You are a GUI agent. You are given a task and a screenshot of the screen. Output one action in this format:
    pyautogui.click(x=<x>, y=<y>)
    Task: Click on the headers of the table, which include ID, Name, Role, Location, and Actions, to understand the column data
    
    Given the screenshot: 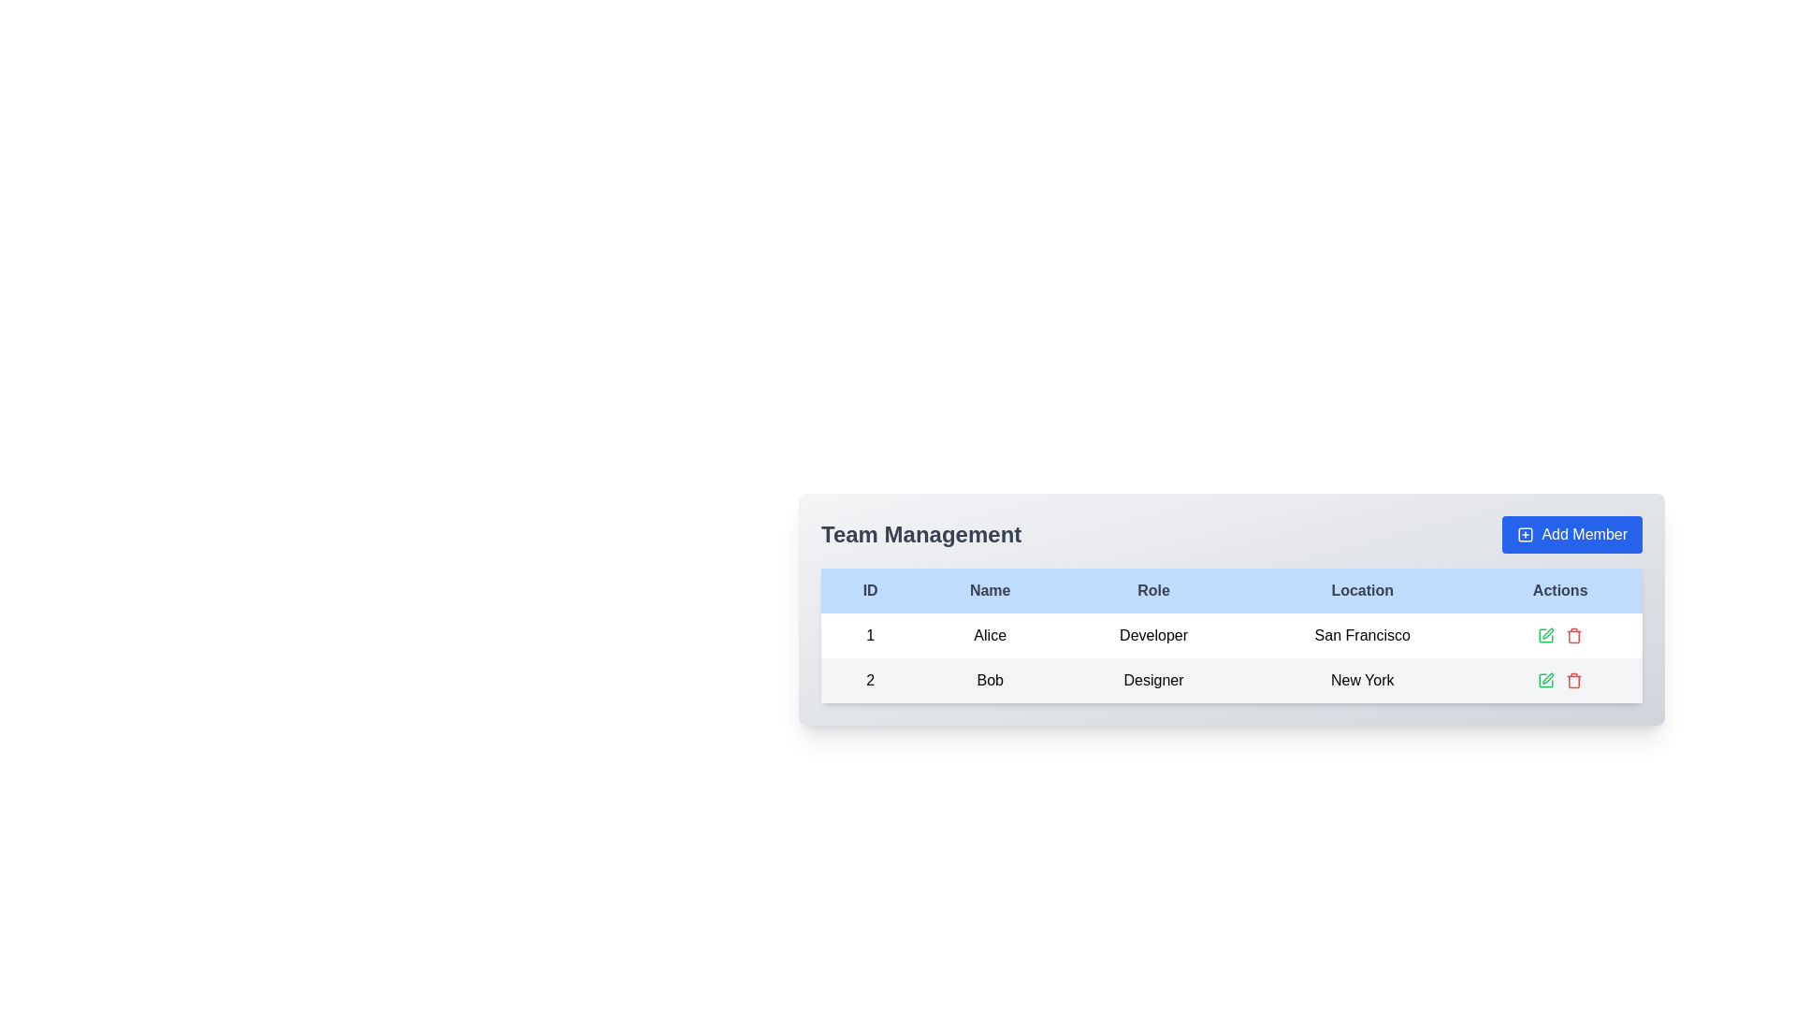 What is the action you would take?
    pyautogui.click(x=1231, y=591)
    